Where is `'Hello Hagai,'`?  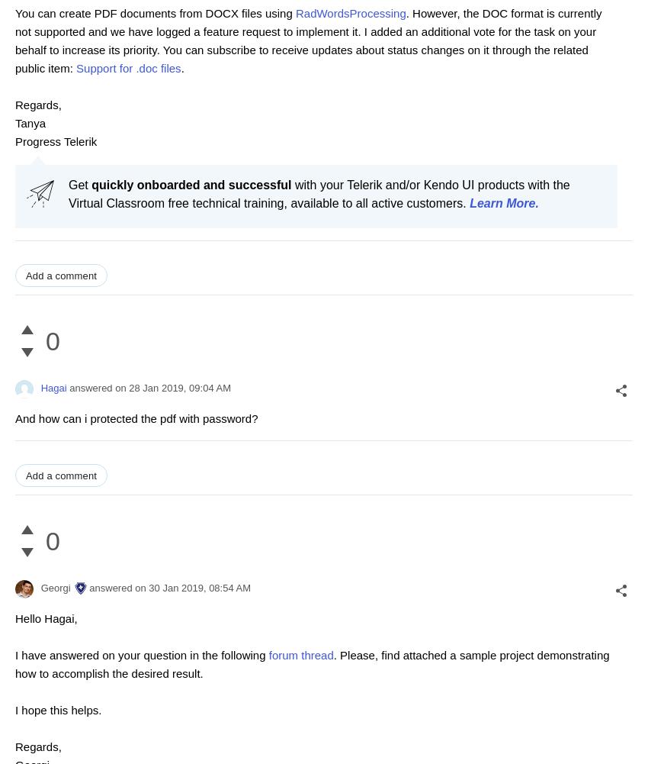
'Hello Hagai,' is located at coordinates (46, 617).